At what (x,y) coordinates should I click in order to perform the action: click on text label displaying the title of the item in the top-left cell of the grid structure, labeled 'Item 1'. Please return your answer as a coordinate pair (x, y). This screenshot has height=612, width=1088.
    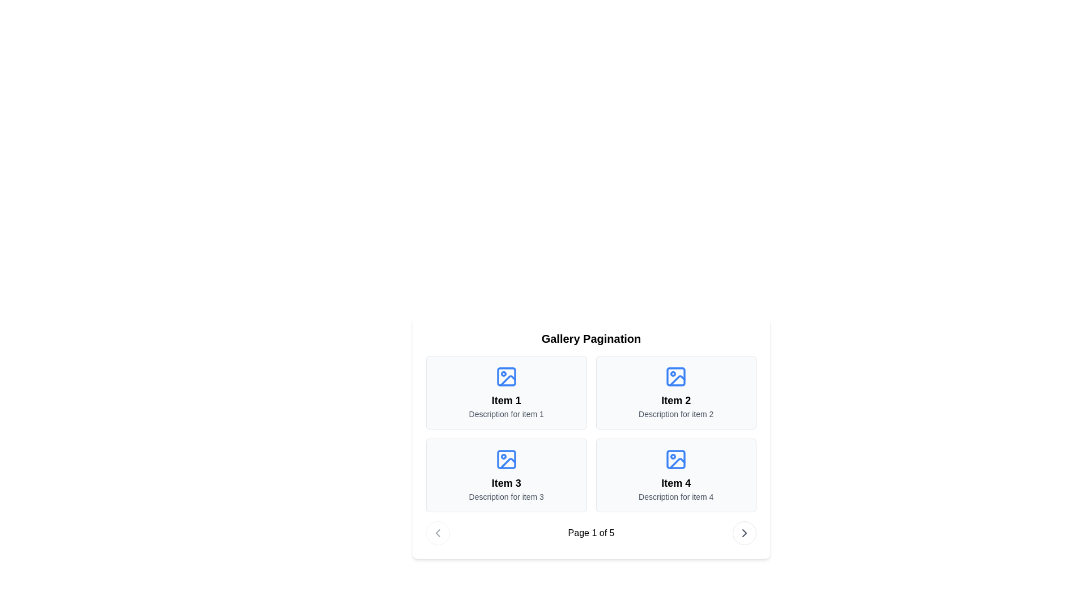
    Looking at the image, I should click on (505, 399).